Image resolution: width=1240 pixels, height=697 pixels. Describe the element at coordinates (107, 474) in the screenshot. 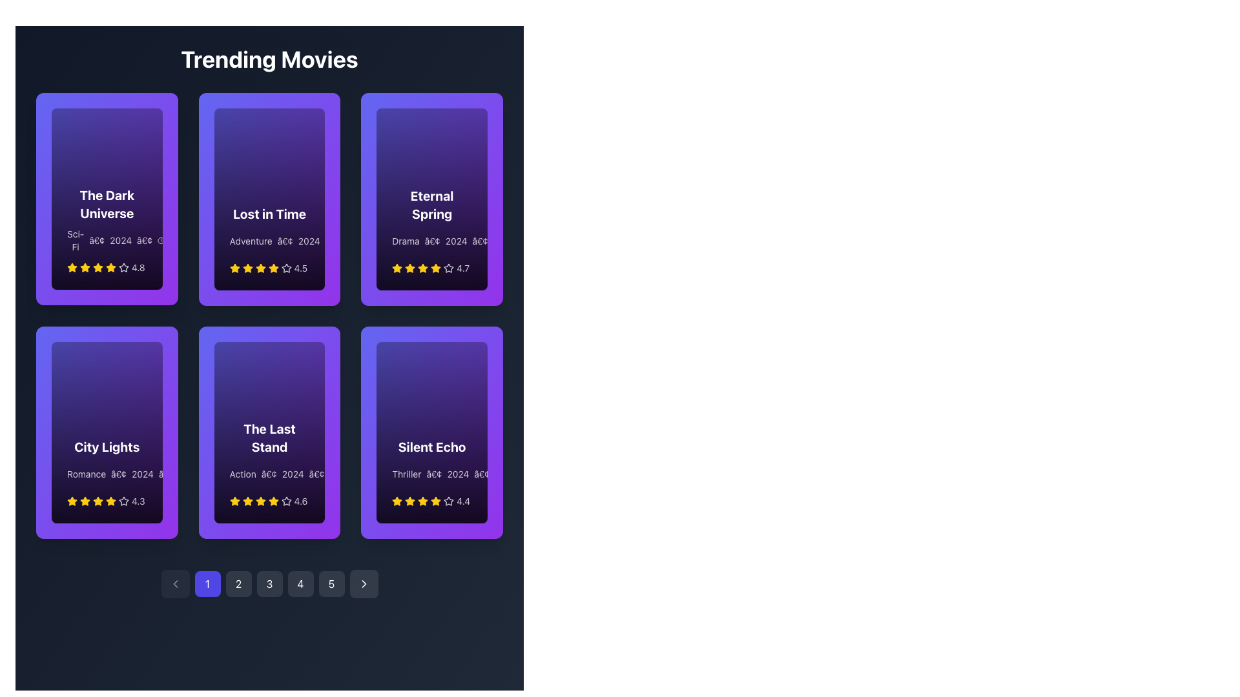

I see `the text element displaying the movie genre, release year, and duration, which reads 'Romance • 2024 • 1h 45m' and is positioned below the title 'City Lights' within the card layout` at that location.